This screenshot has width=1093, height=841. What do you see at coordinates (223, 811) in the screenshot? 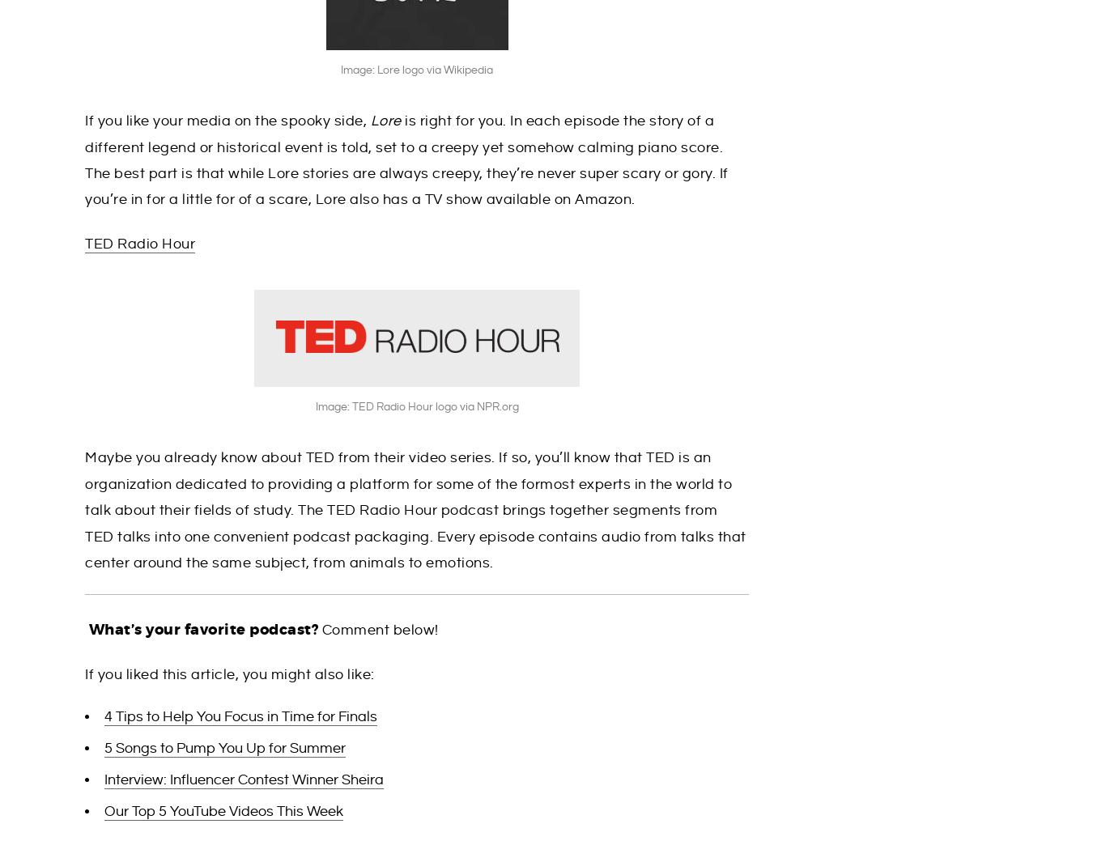
I see `'Our Top 5 YouTube Videos This Week'` at bounding box center [223, 811].